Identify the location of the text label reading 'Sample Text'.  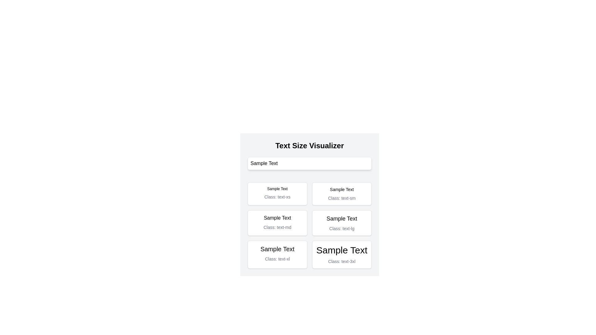
(277, 189).